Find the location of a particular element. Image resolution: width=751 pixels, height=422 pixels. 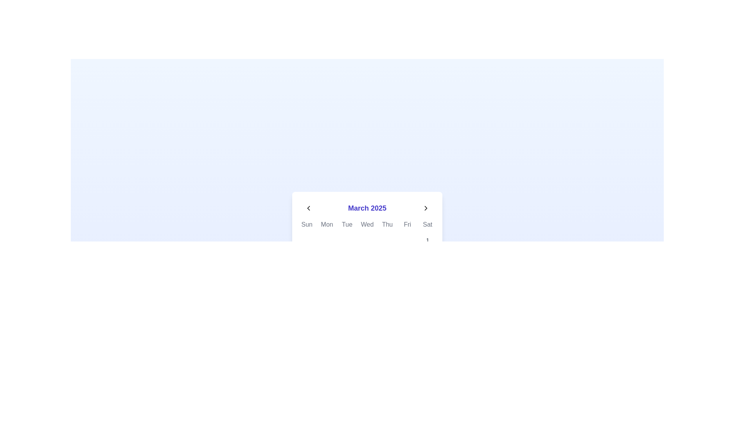

the Static Label displaying 'Tue', which is the third label in a horizontal list of abbreviated day names in the calendar layout is located at coordinates (347, 224).